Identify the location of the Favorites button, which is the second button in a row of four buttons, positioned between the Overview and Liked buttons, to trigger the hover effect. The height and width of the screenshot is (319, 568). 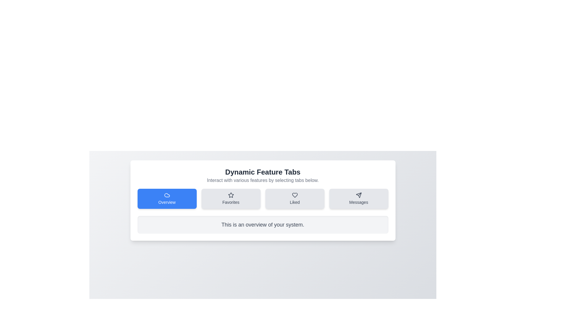
(230, 198).